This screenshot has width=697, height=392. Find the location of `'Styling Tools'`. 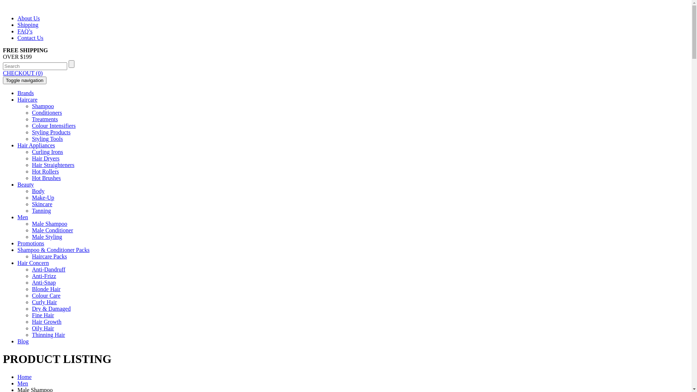

'Styling Tools' is located at coordinates (47, 139).